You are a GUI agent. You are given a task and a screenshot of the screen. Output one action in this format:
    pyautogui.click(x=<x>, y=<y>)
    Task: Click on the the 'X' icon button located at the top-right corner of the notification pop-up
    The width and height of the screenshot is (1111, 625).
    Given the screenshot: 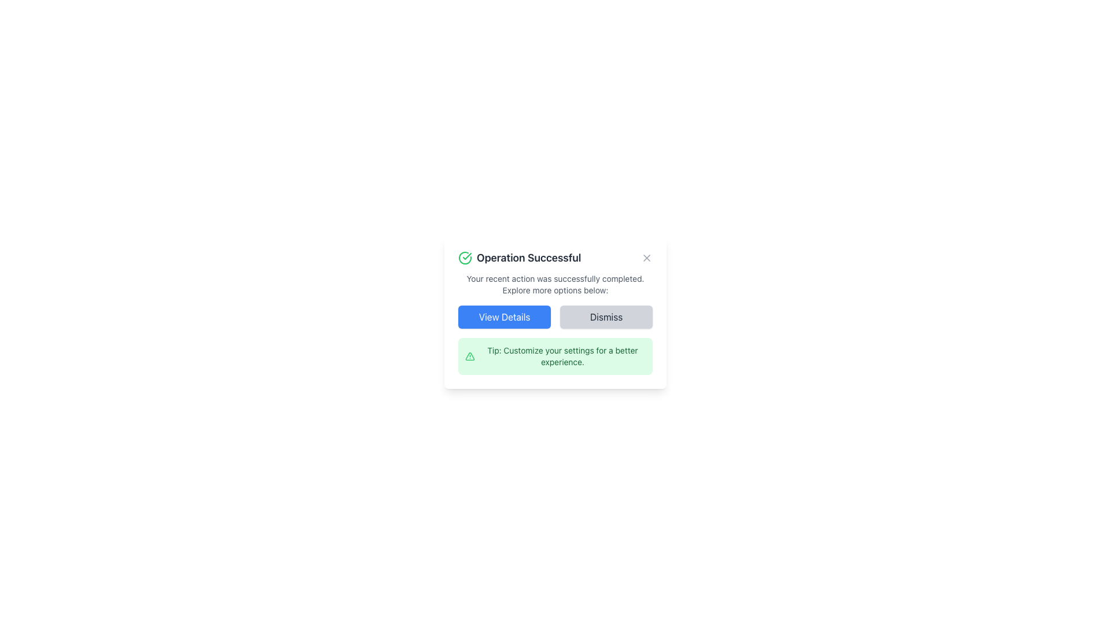 What is the action you would take?
    pyautogui.click(x=646, y=258)
    